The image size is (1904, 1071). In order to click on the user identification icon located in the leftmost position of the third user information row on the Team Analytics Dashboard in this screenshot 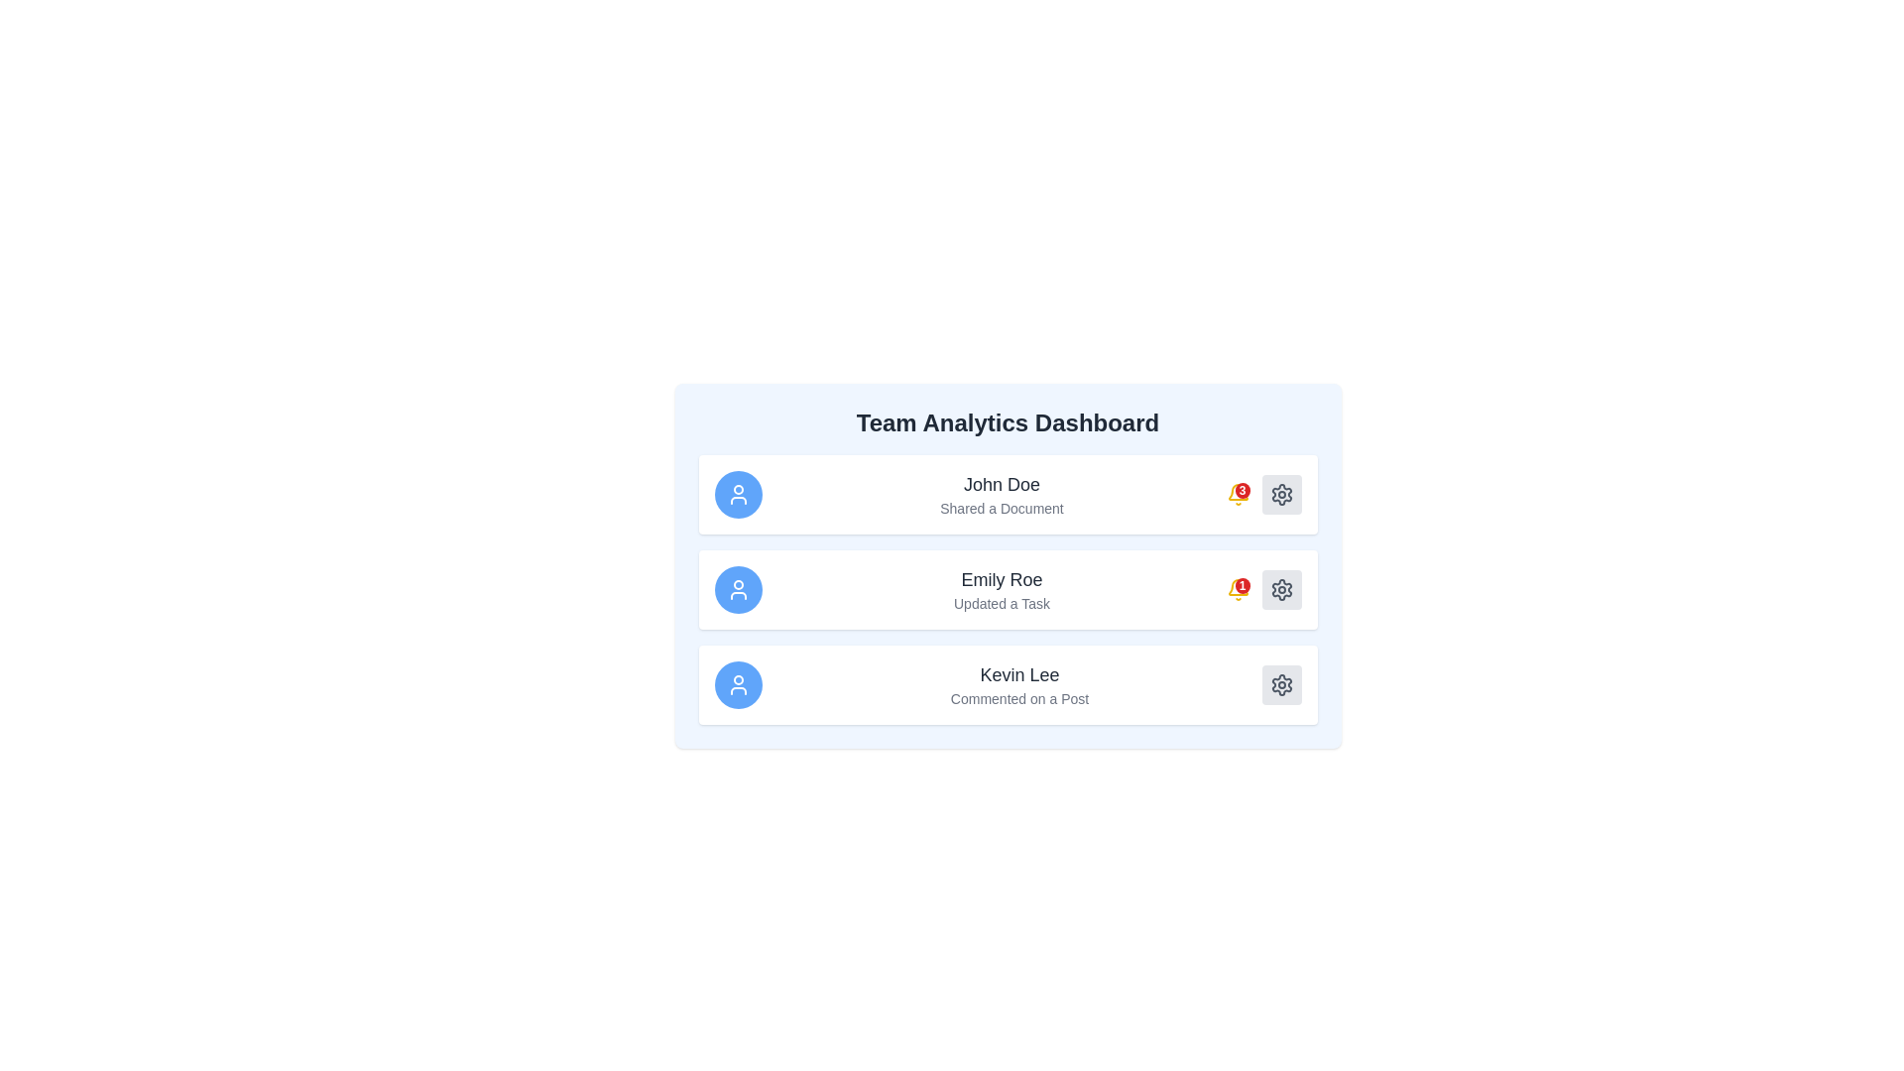, I will do `click(737, 683)`.